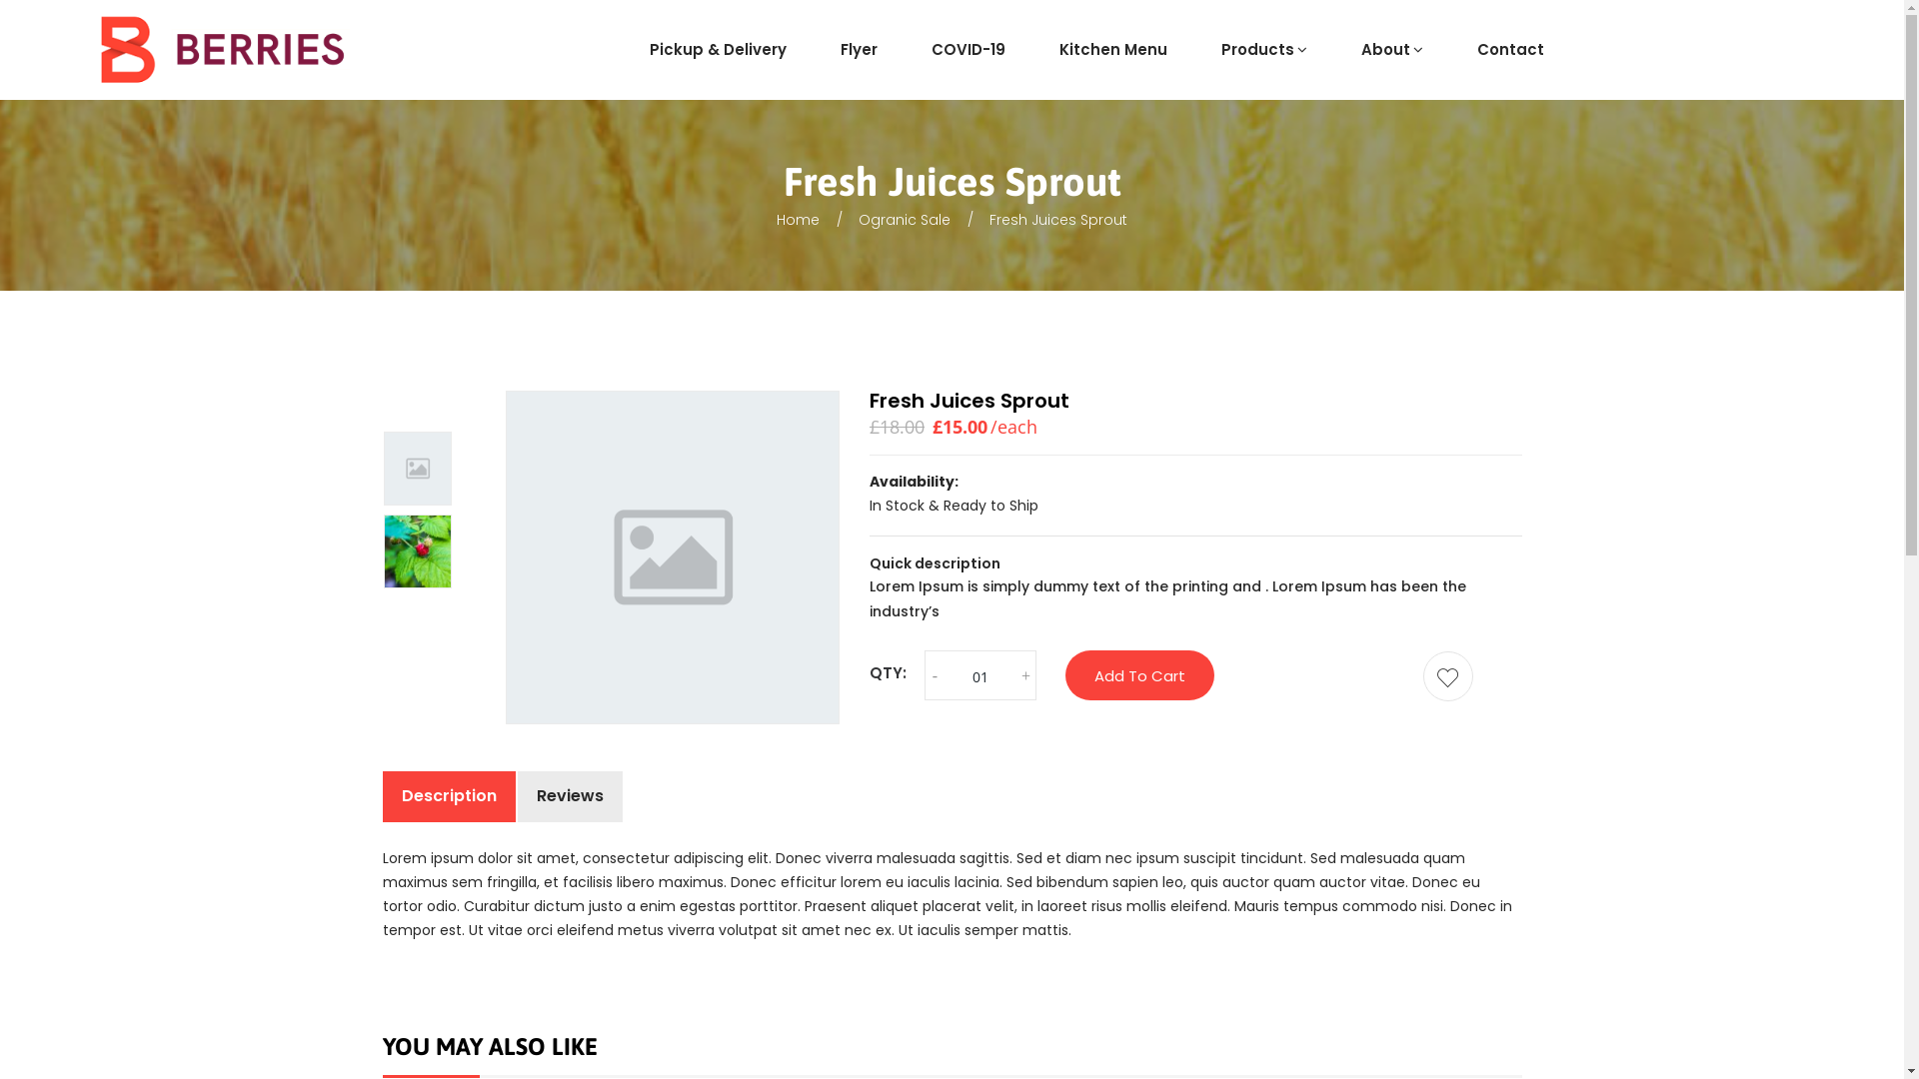  What do you see at coordinates (1390, 49) in the screenshot?
I see `'About'` at bounding box center [1390, 49].